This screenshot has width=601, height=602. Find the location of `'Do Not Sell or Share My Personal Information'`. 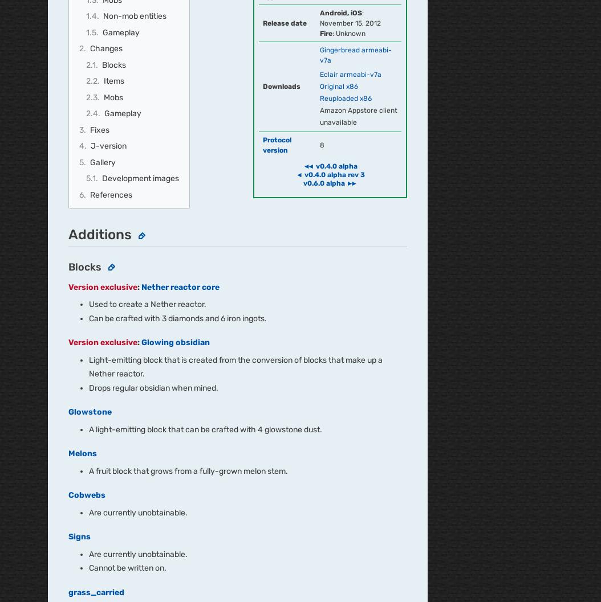

'Do Not Sell or Share My Personal Information' is located at coordinates (327, 466).